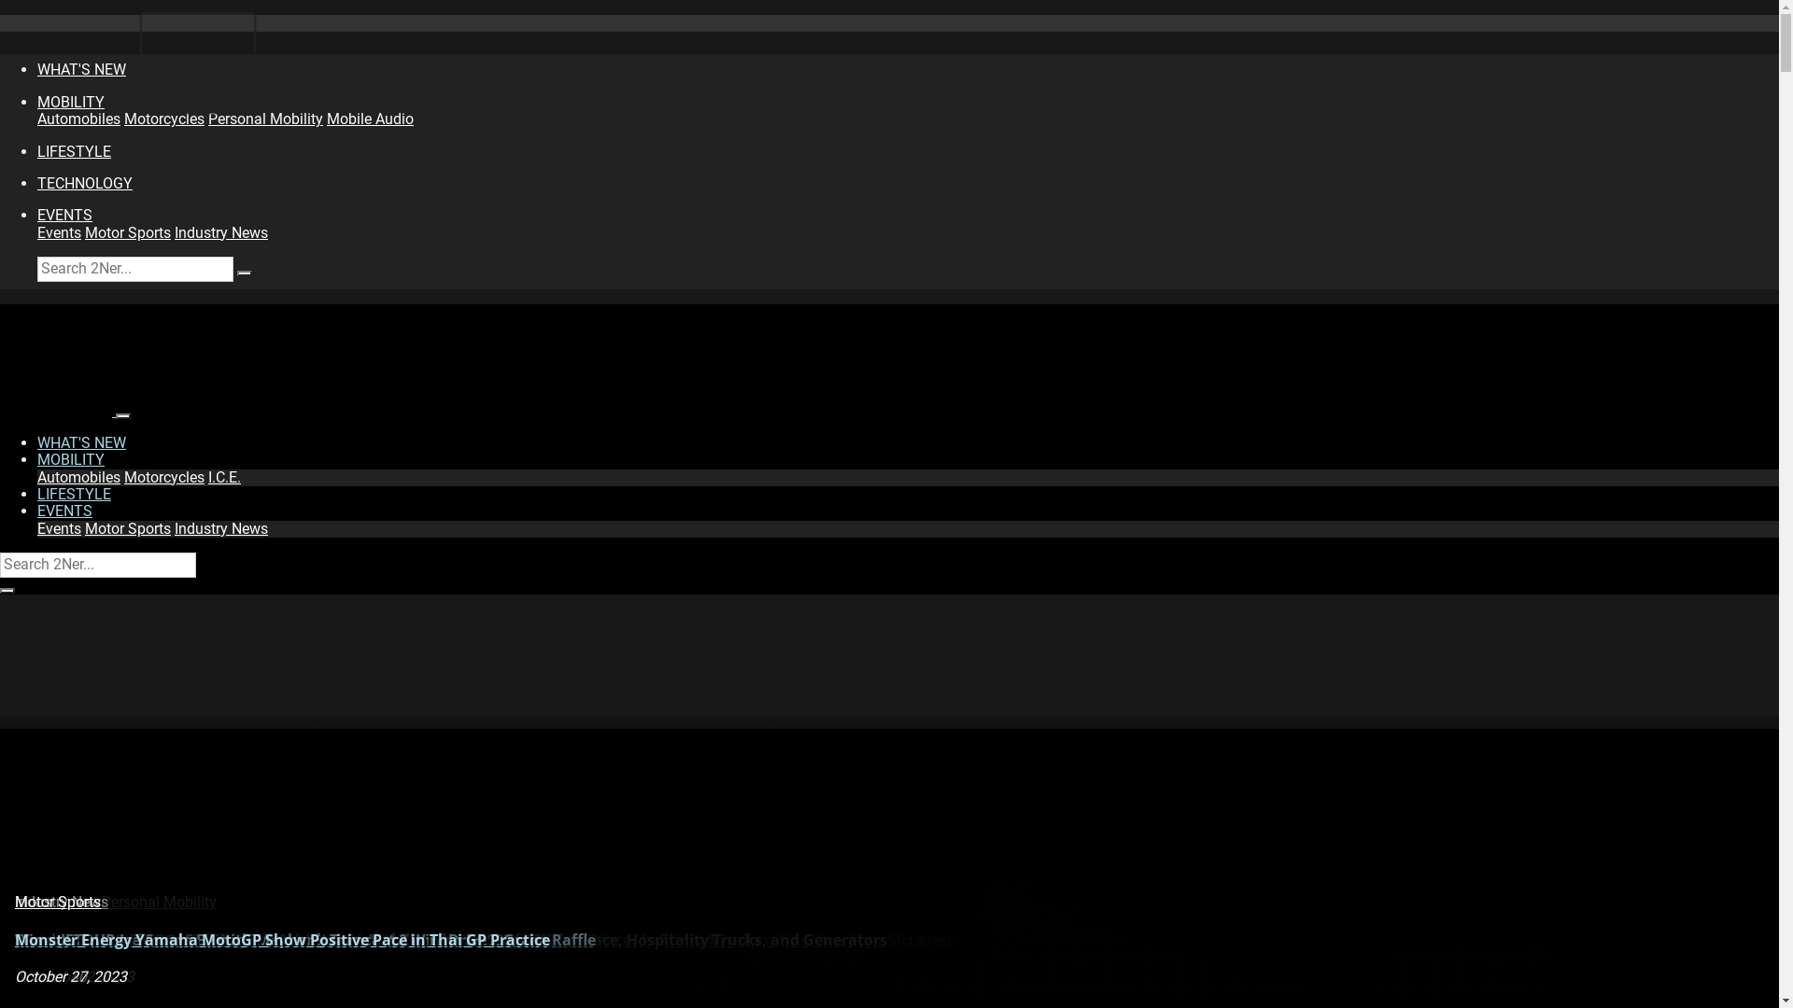  What do you see at coordinates (64, 214) in the screenshot?
I see `'EVENTS'` at bounding box center [64, 214].